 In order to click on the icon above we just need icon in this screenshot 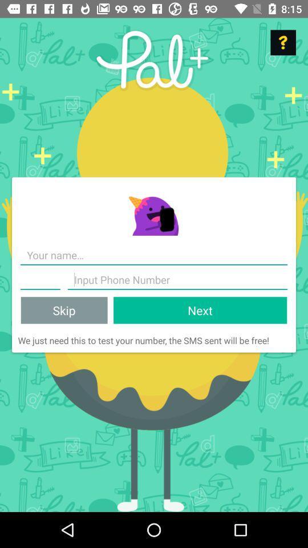, I will do `click(64, 310)`.